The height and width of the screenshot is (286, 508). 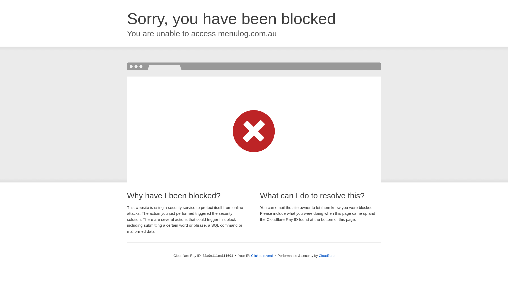 What do you see at coordinates (326, 255) in the screenshot?
I see `'Cloudflare'` at bounding box center [326, 255].